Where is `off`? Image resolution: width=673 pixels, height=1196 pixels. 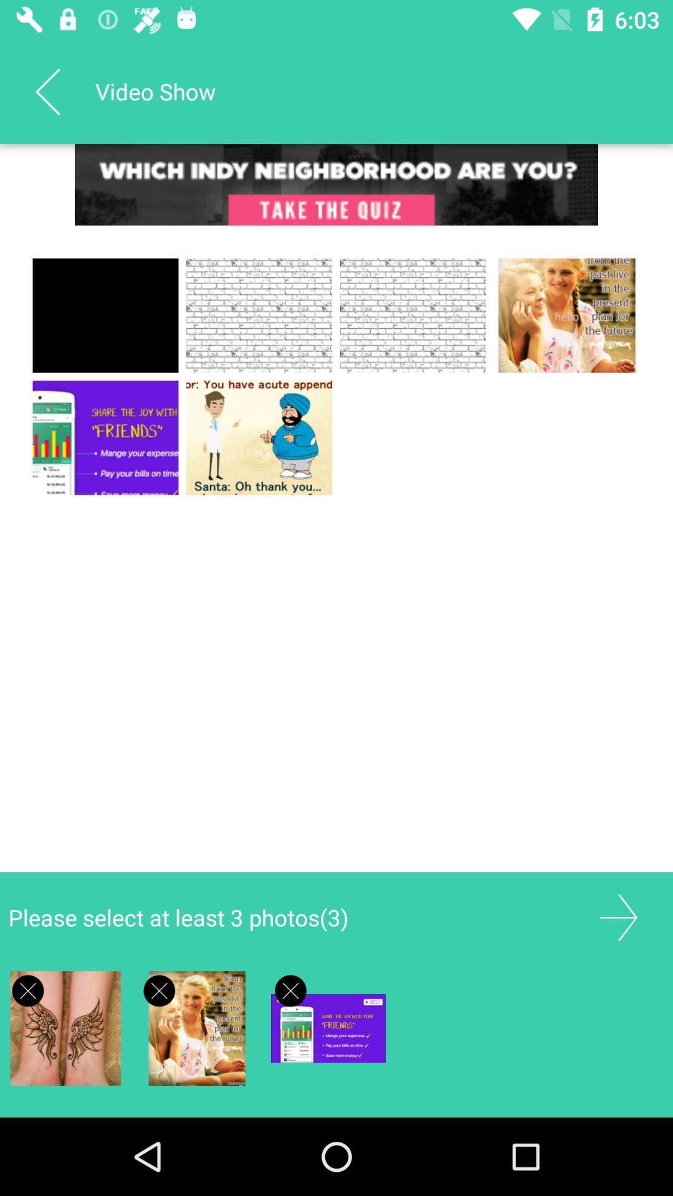
off is located at coordinates (290, 990).